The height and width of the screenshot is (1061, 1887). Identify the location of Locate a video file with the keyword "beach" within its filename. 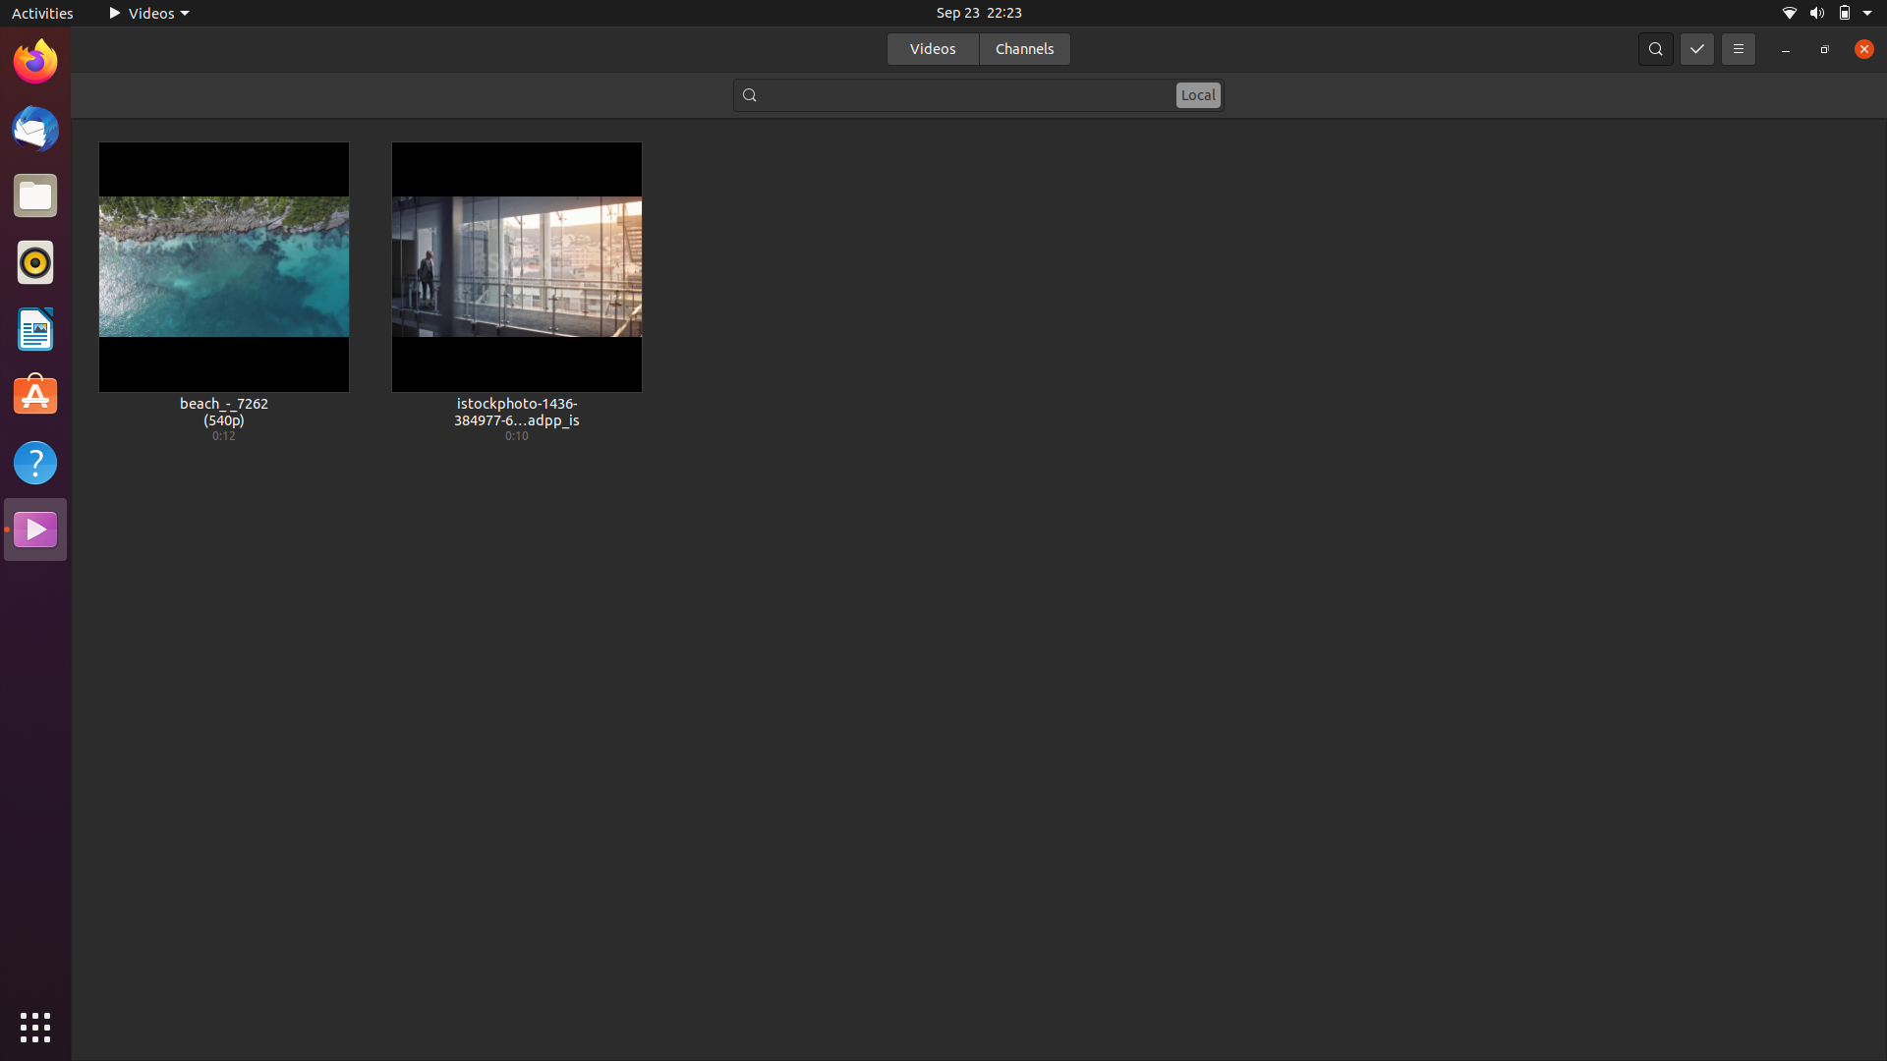
(979, 93).